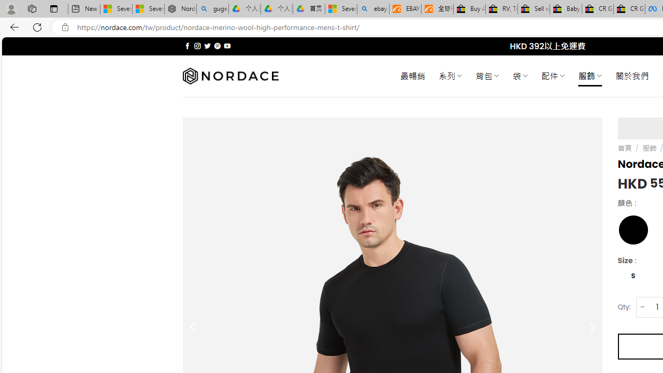 Image resolution: width=663 pixels, height=373 pixels. What do you see at coordinates (501, 9) in the screenshot?
I see `'RV, Trailer & Camper Steps & Ladders for sale | eBay'` at bounding box center [501, 9].